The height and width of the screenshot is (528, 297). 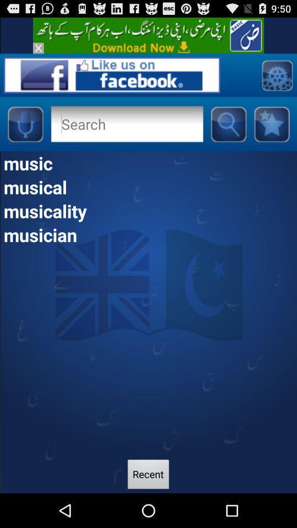 What do you see at coordinates (37, 48) in the screenshot?
I see `exit button` at bounding box center [37, 48].